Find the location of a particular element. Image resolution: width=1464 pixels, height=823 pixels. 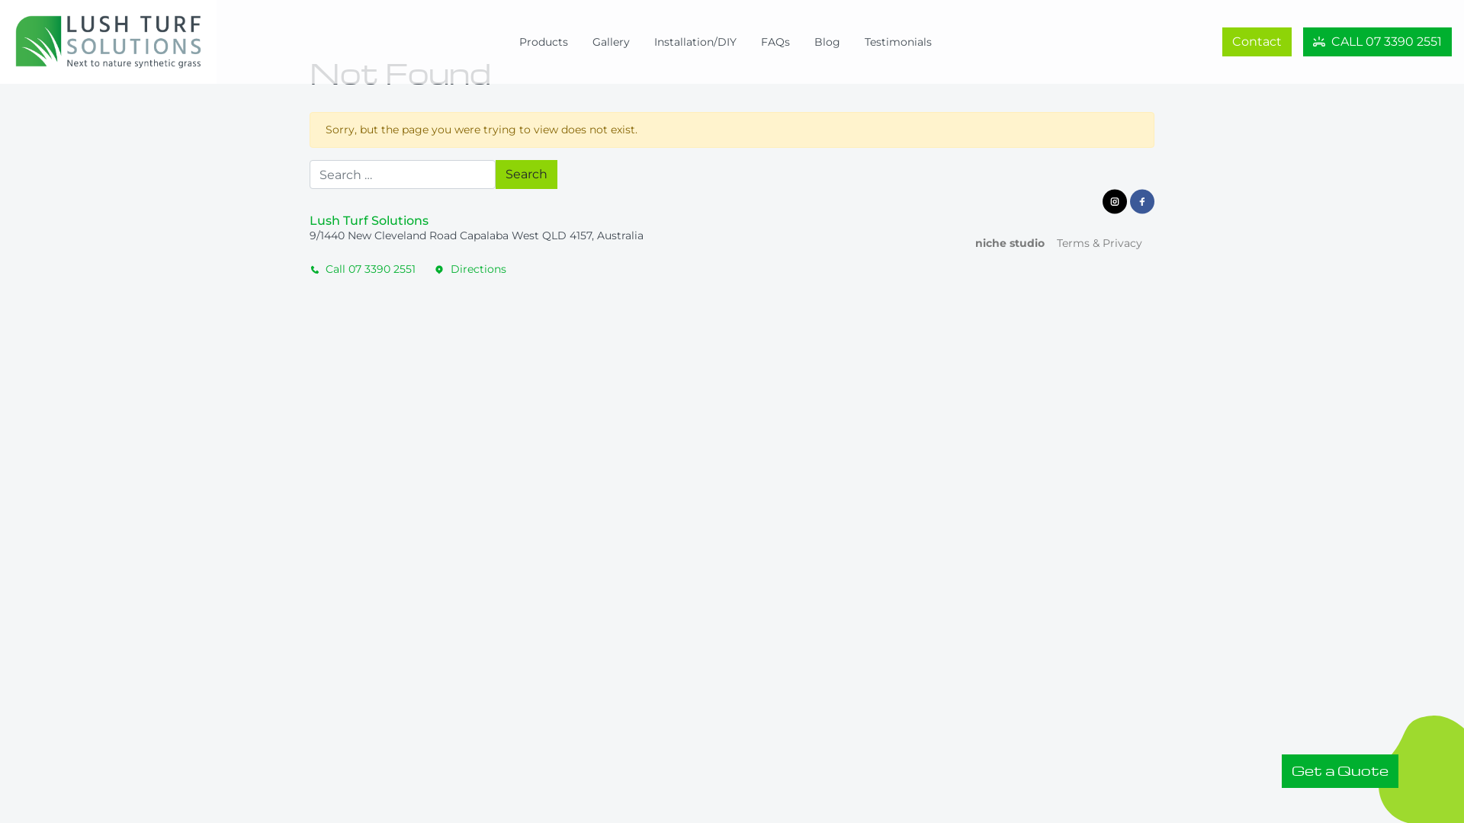

'FAQs' is located at coordinates (775, 41).